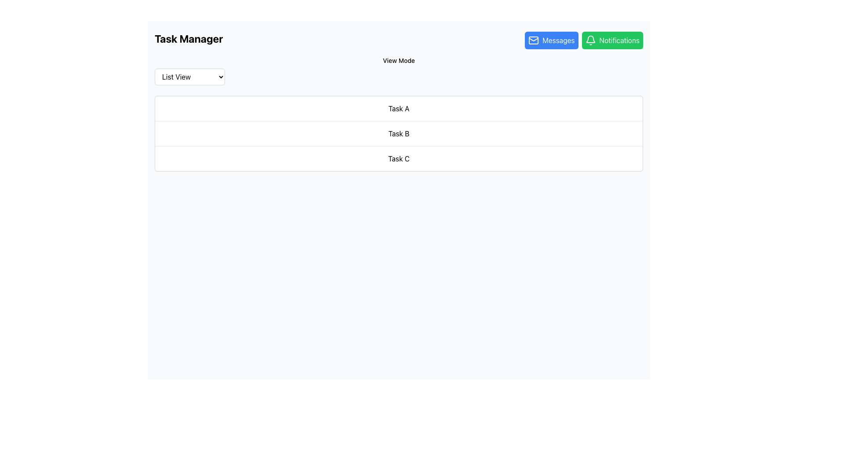 The width and height of the screenshot is (844, 475). Describe the element at coordinates (551, 40) in the screenshot. I see `the blue button labeled 'Messages' with a white envelope icon` at that location.